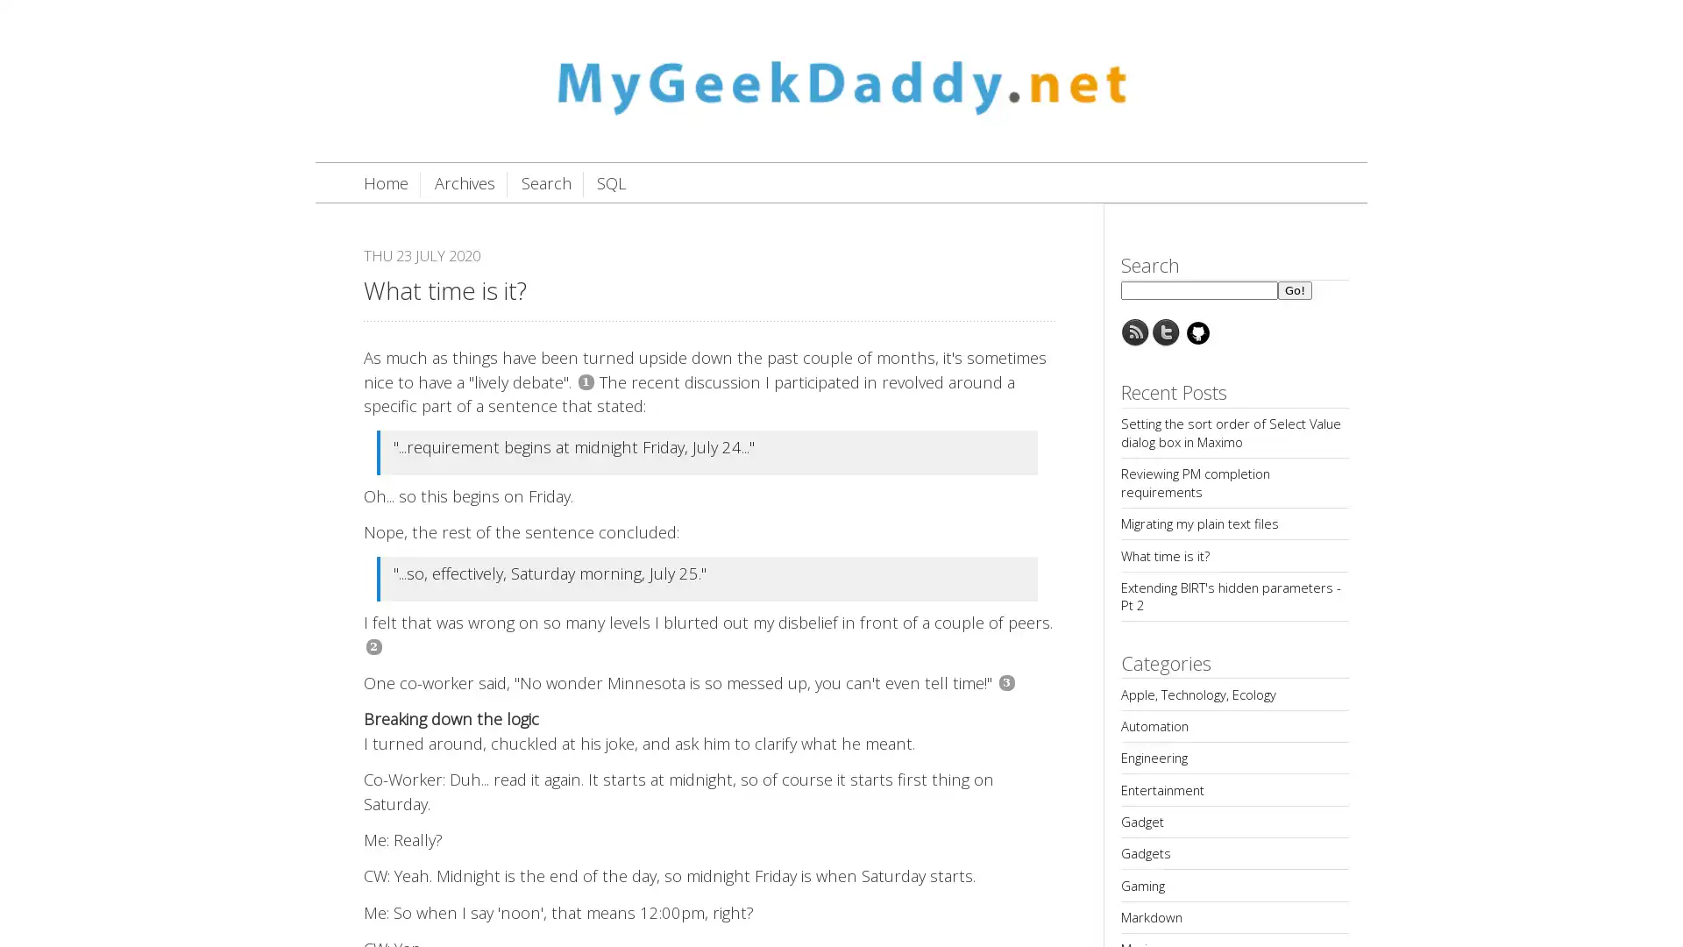 This screenshot has width=1683, height=947. Describe the element at coordinates (373, 646) in the screenshot. I see `2` at that location.